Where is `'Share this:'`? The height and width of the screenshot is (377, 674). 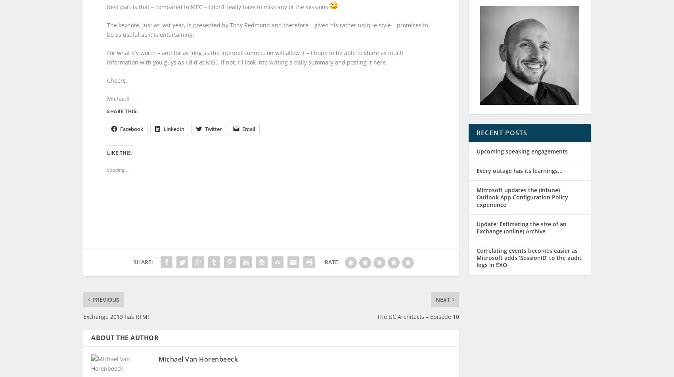 'Share this:' is located at coordinates (122, 118).